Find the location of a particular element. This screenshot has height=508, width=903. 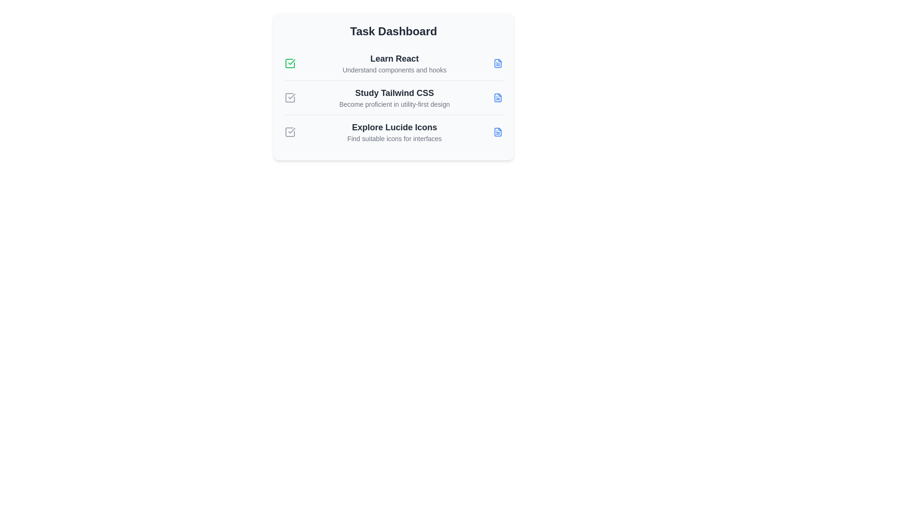

the document icon corresponding to the task 'Explore Lucide Icons' is located at coordinates (498, 132).